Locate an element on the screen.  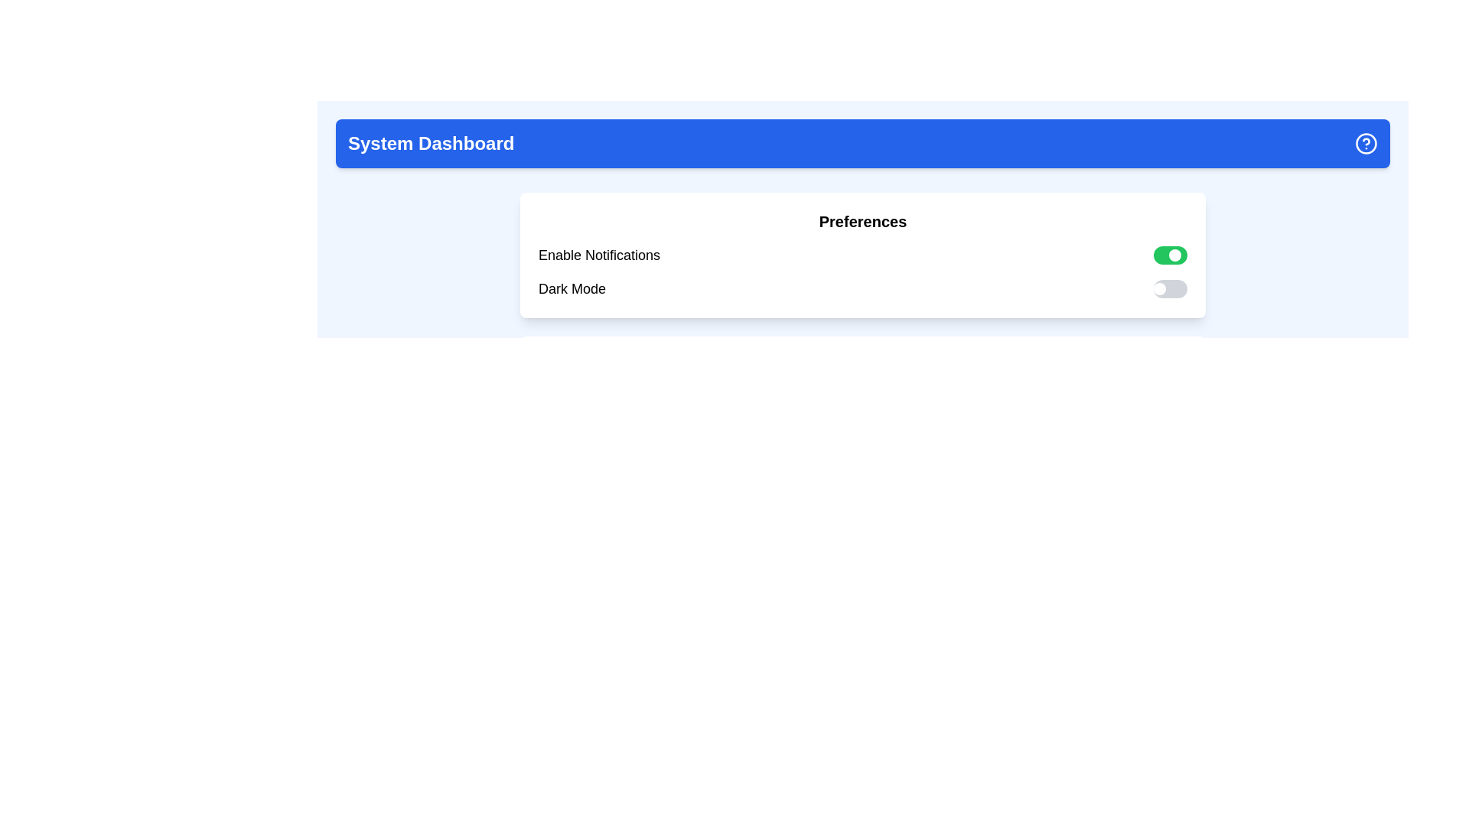
the toggle switch for 'Enable Notifications', which is a rectangular switch with a green background and a circular white handle on the right side, indicating the 'on' state is located at coordinates (1170, 255).